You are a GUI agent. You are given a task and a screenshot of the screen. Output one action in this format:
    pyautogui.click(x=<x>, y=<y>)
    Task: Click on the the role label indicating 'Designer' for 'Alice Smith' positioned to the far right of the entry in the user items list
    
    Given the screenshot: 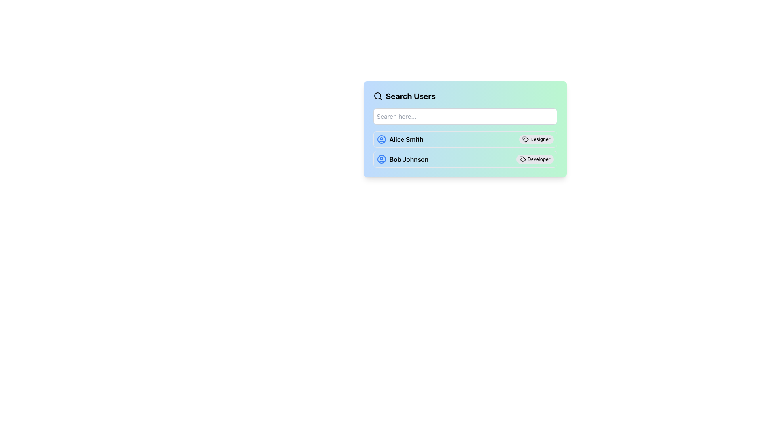 What is the action you would take?
    pyautogui.click(x=536, y=139)
    